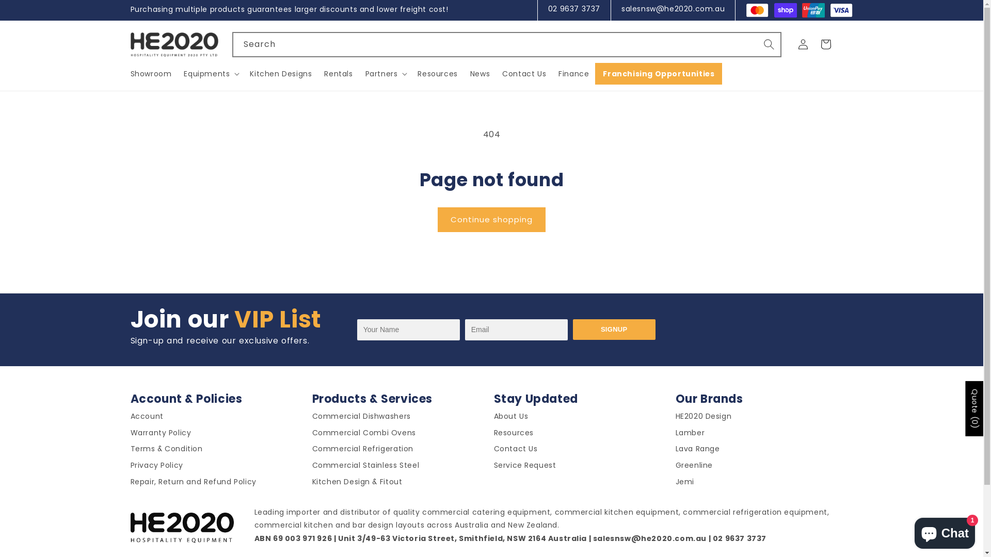  What do you see at coordinates (694, 467) in the screenshot?
I see `'Greenline'` at bounding box center [694, 467].